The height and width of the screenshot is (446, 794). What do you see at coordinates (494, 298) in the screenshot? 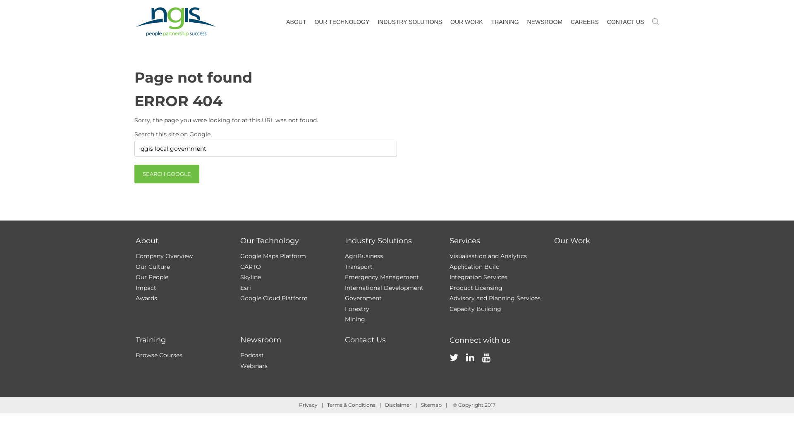
I see `'Advisory and Planning Services'` at bounding box center [494, 298].